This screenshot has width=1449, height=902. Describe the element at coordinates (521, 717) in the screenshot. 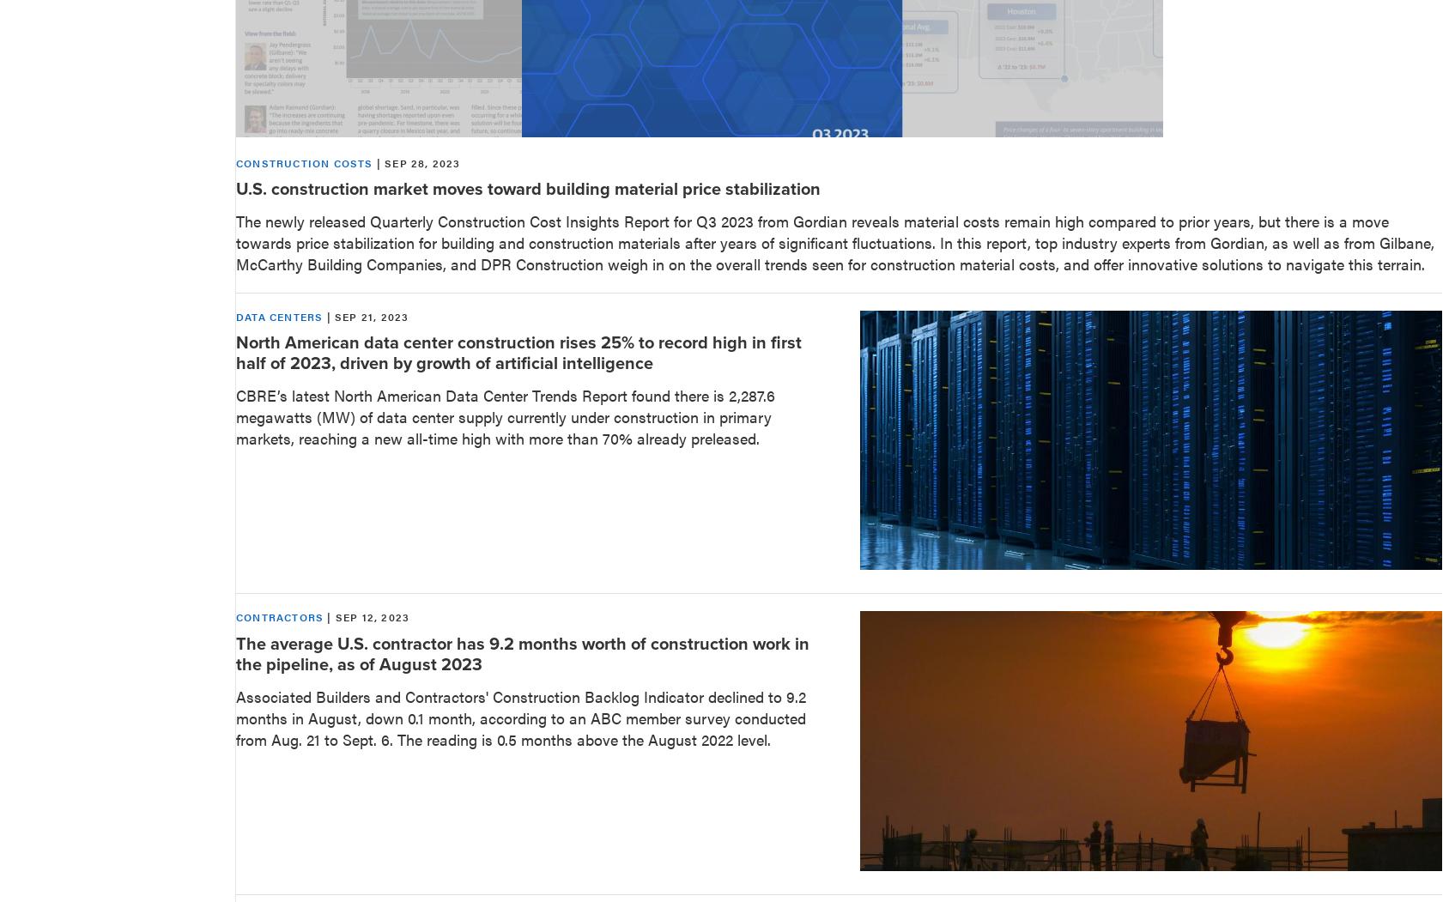

I see `'Associated Builders and Contractors' Construction Backlog Indicator declined to 9.2 months in August, down 0.1 month, according to an ABC member survey conducted from Aug. 21 to Sept. 6. The reading is 0.5 months above the August 2022 level.'` at that location.